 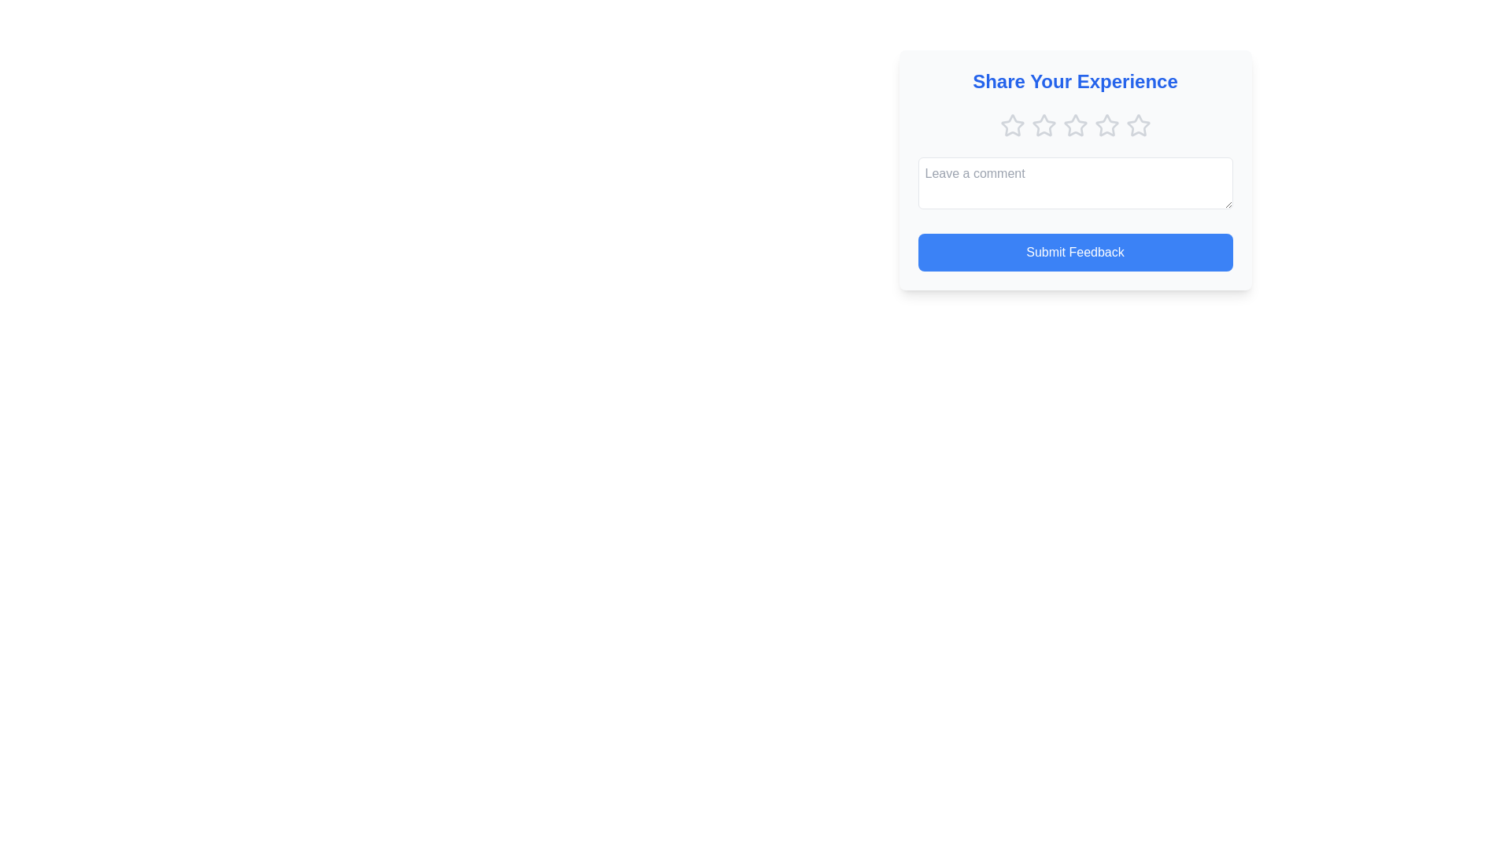 I want to click on the fourth star icon in the rating system, so click(x=1074, y=124).